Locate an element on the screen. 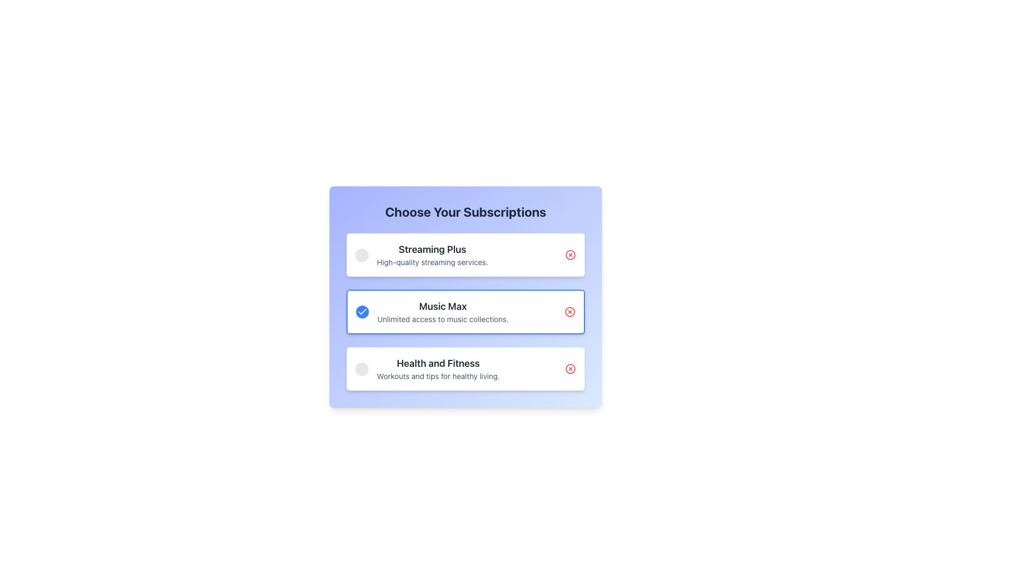 This screenshot has width=1022, height=575. the static text that provides additional information about the 'Health and Fitness' subscription option, located in the third subscription option card, directly below the title text is located at coordinates (438, 375).